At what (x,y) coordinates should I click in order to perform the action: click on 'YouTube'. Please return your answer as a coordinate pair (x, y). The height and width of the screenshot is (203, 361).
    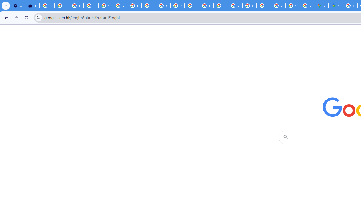
    Looking at the image, I should click on (163, 6).